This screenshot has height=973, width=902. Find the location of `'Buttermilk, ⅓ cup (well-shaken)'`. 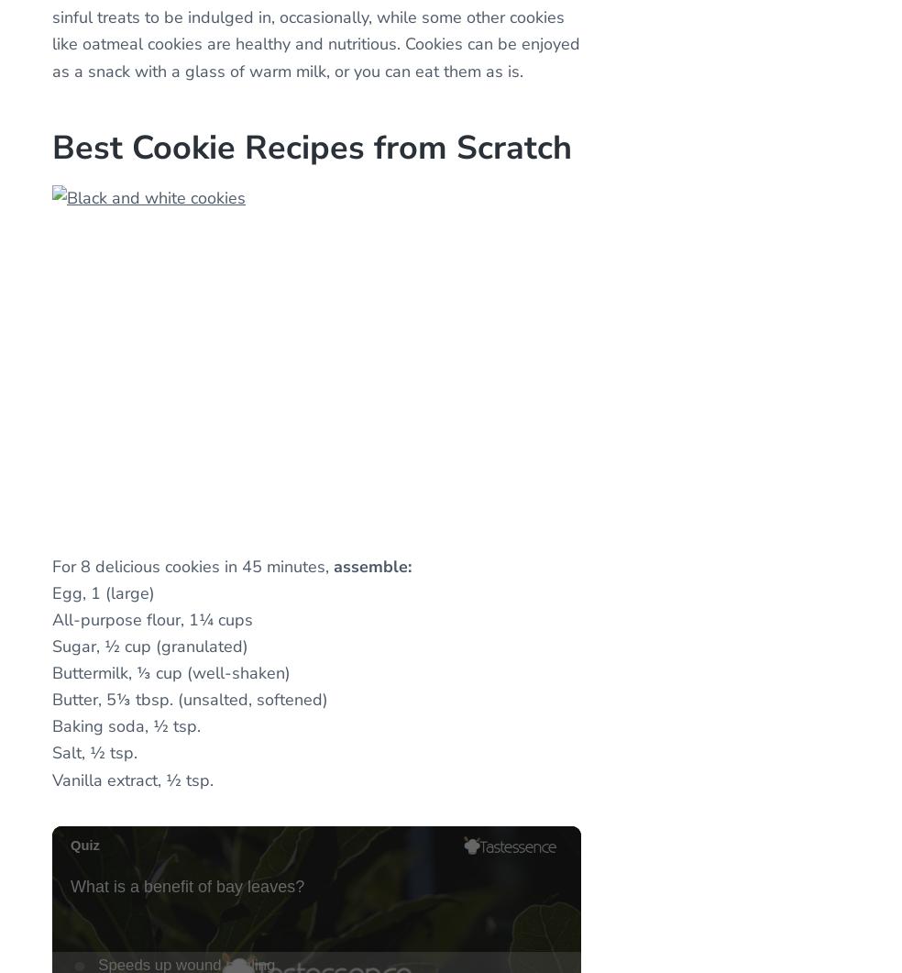

'Buttermilk, ⅓ cup (well-shaken)' is located at coordinates (170, 672).